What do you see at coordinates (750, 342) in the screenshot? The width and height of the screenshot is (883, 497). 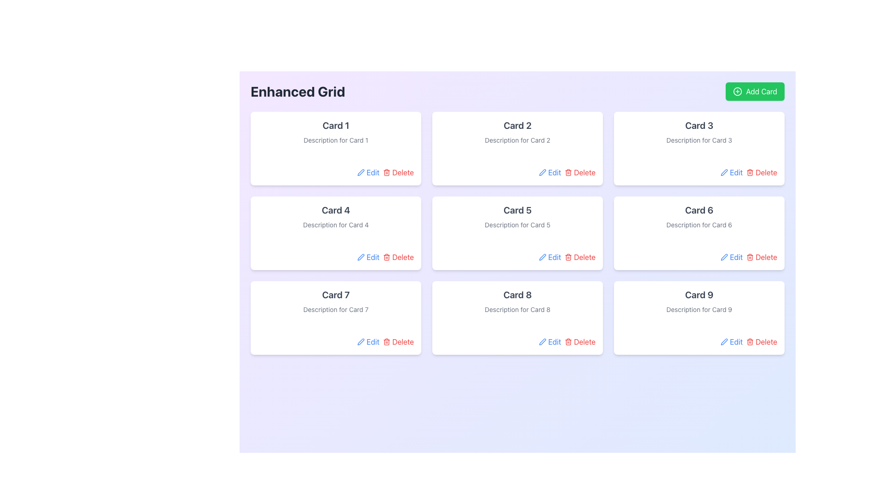 I see `the delete icon located at the bottom-right corner of the grid item for 'Card 9'` at bounding box center [750, 342].